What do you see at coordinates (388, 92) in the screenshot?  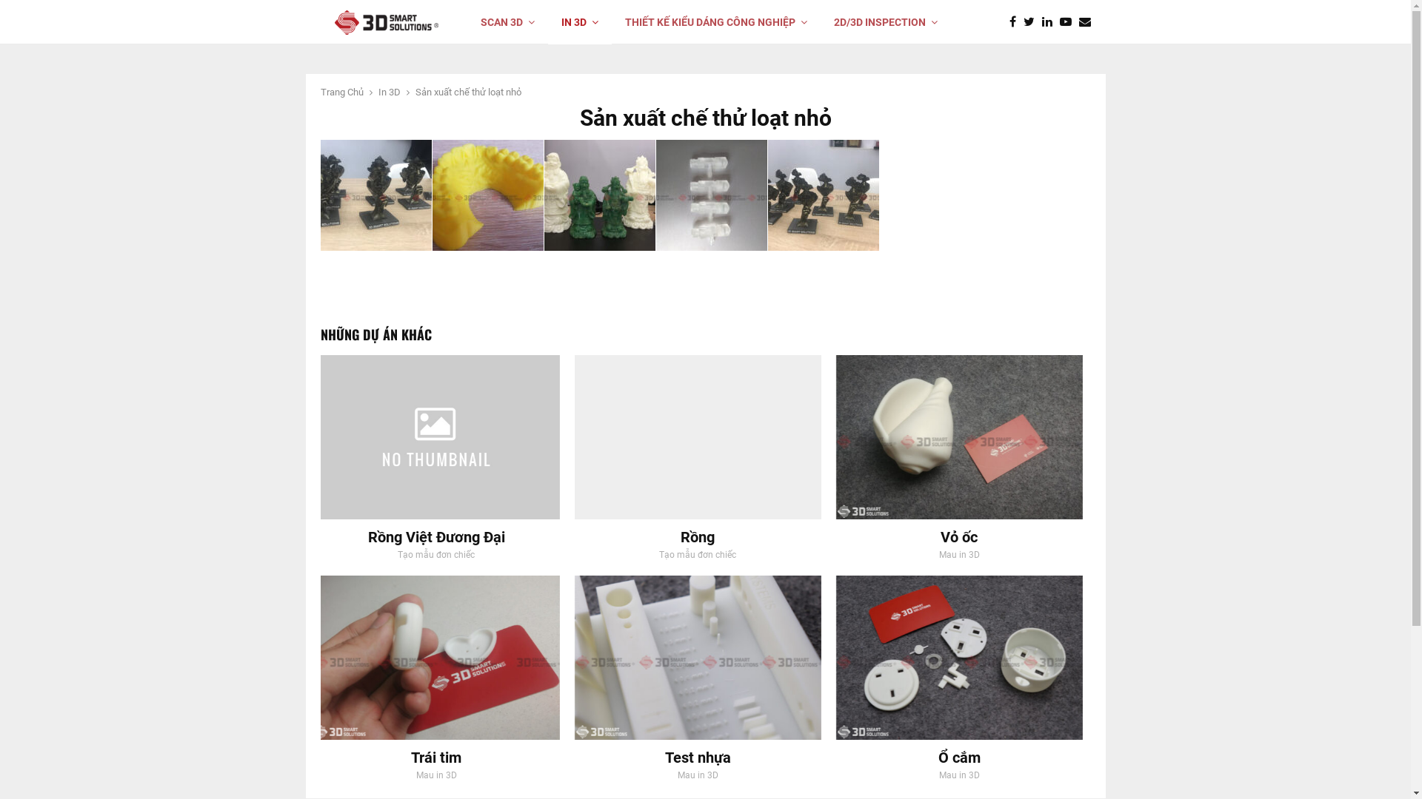 I see `'In 3D'` at bounding box center [388, 92].